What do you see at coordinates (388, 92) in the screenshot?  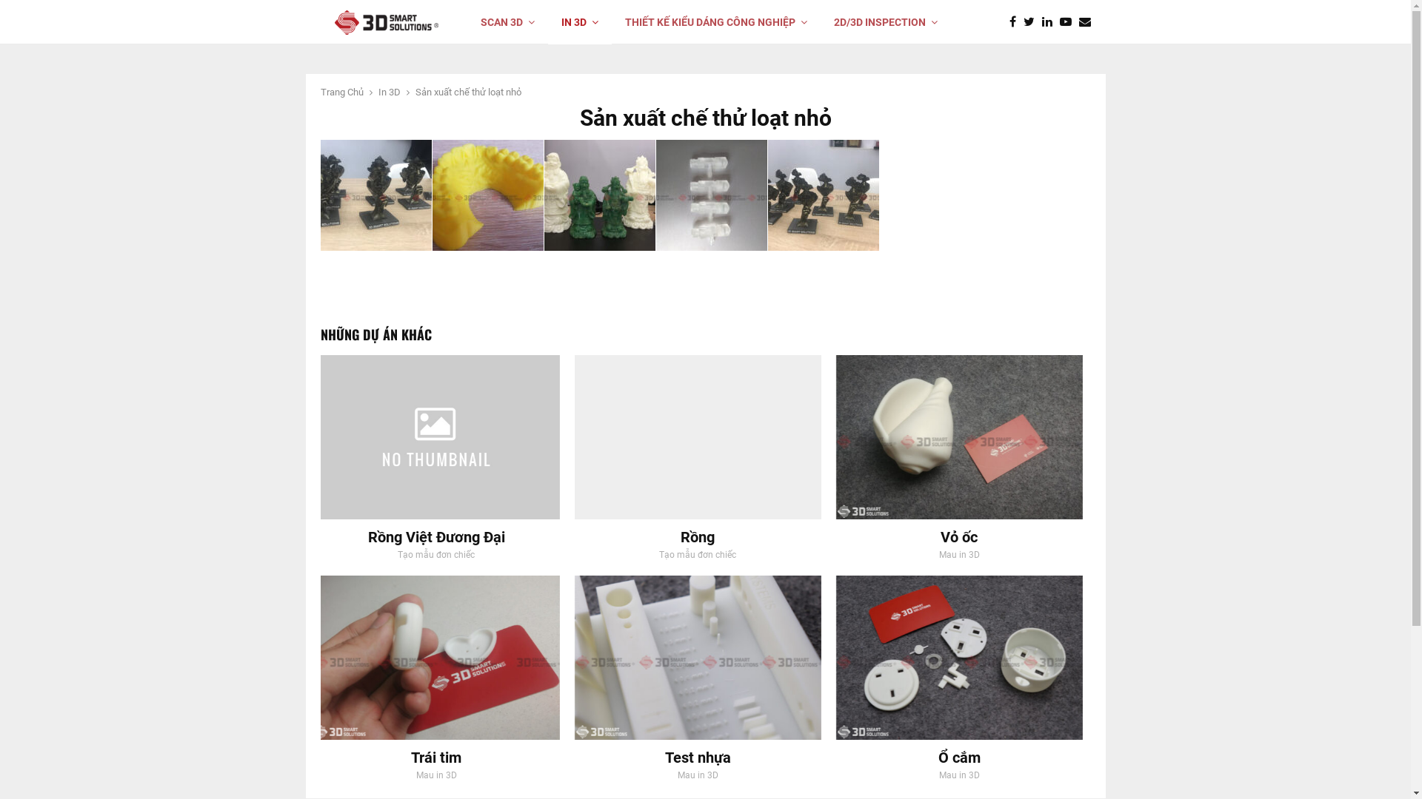 I see `'In 3D'` at bounding box center [388, 92].